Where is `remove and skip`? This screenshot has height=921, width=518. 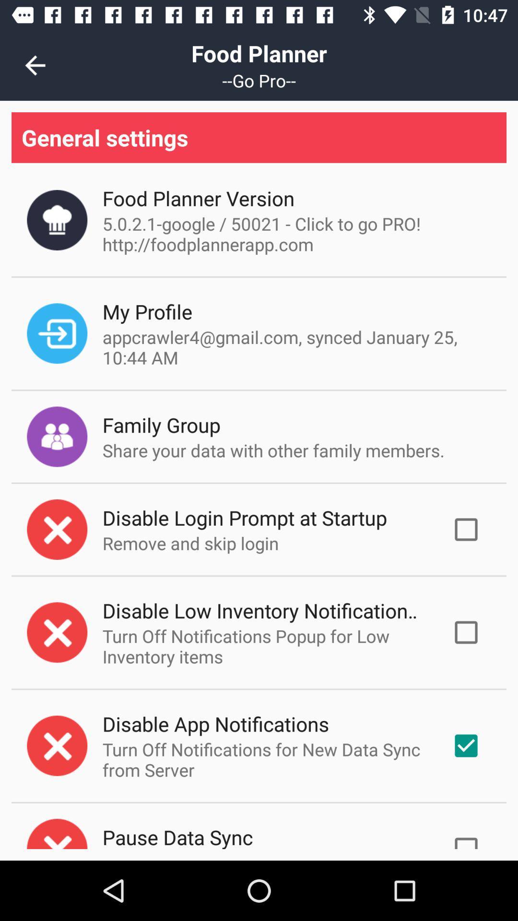 remove and skip is located at coordinates (190, 543).